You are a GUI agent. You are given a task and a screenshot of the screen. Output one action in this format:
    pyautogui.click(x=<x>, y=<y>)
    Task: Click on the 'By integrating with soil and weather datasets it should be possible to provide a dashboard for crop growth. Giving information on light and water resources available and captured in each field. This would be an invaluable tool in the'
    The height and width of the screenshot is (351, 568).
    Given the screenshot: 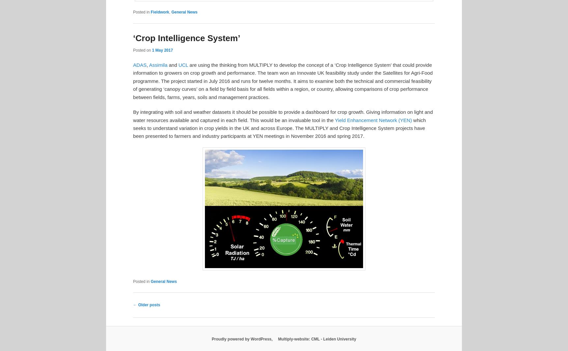 What is the action you would take?
    pyautogui.click(x=282, y=116)
    